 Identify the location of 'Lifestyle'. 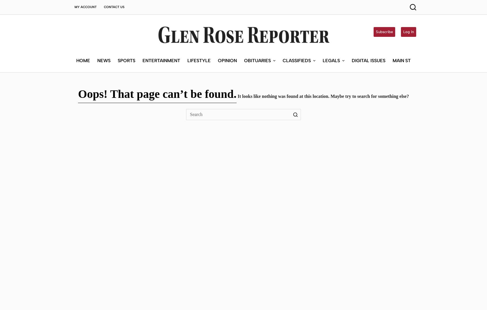
(187, 16).